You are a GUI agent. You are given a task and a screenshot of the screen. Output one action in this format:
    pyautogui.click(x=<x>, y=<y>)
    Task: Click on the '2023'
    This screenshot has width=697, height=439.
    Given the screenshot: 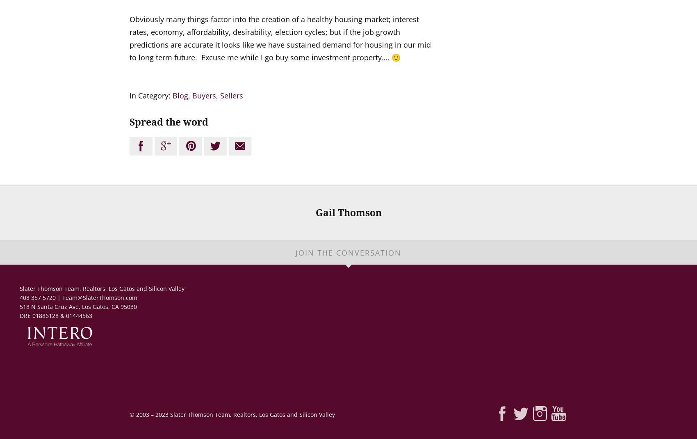 What is the action you would take?
    pyautogui.click(x=162, y=414)
    